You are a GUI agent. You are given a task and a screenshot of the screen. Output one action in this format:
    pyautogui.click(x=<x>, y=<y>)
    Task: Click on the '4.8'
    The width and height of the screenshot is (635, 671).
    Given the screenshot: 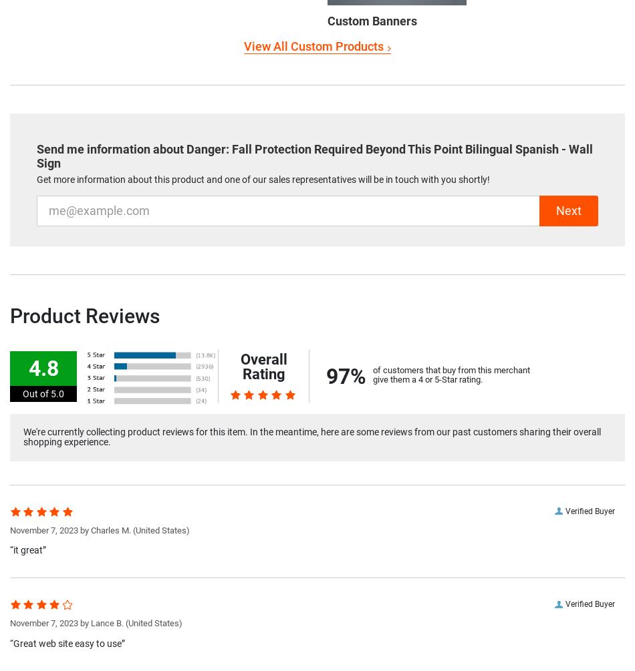 What is the action you would take?
    pyautogui.click(x=43, y=367)
    